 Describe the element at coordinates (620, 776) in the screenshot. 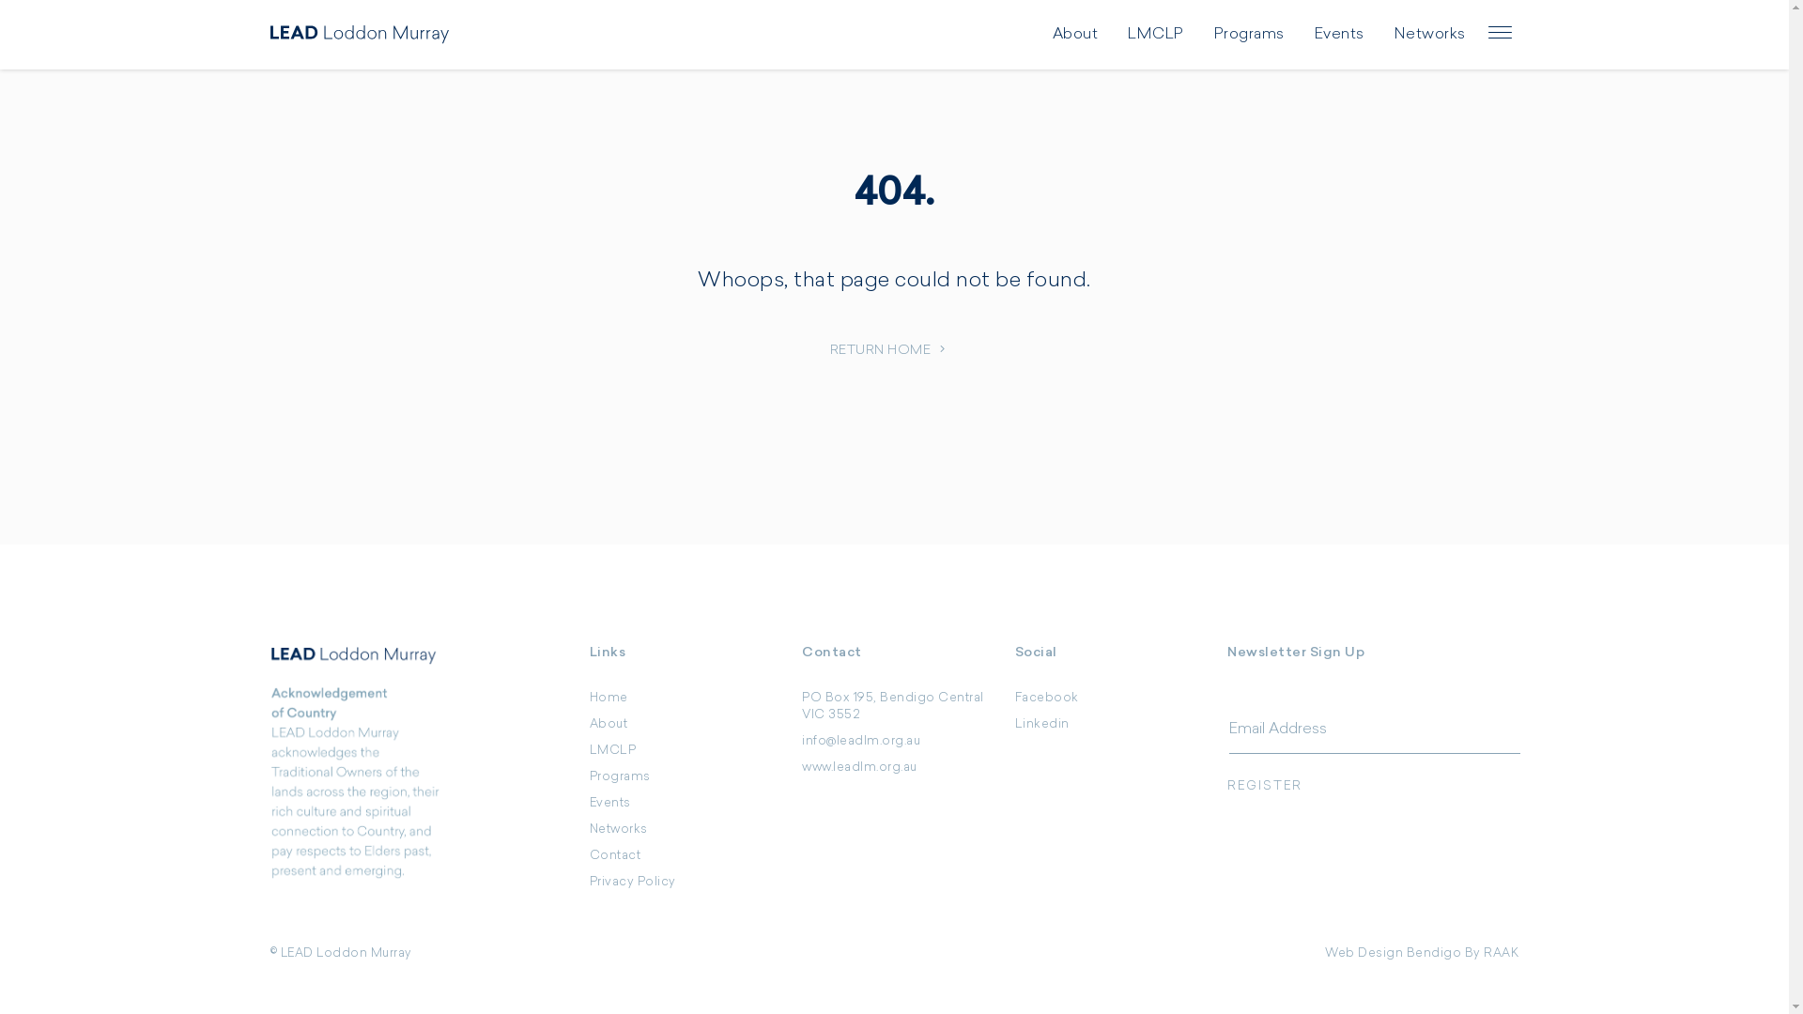

I see `'Programs'` at that location.